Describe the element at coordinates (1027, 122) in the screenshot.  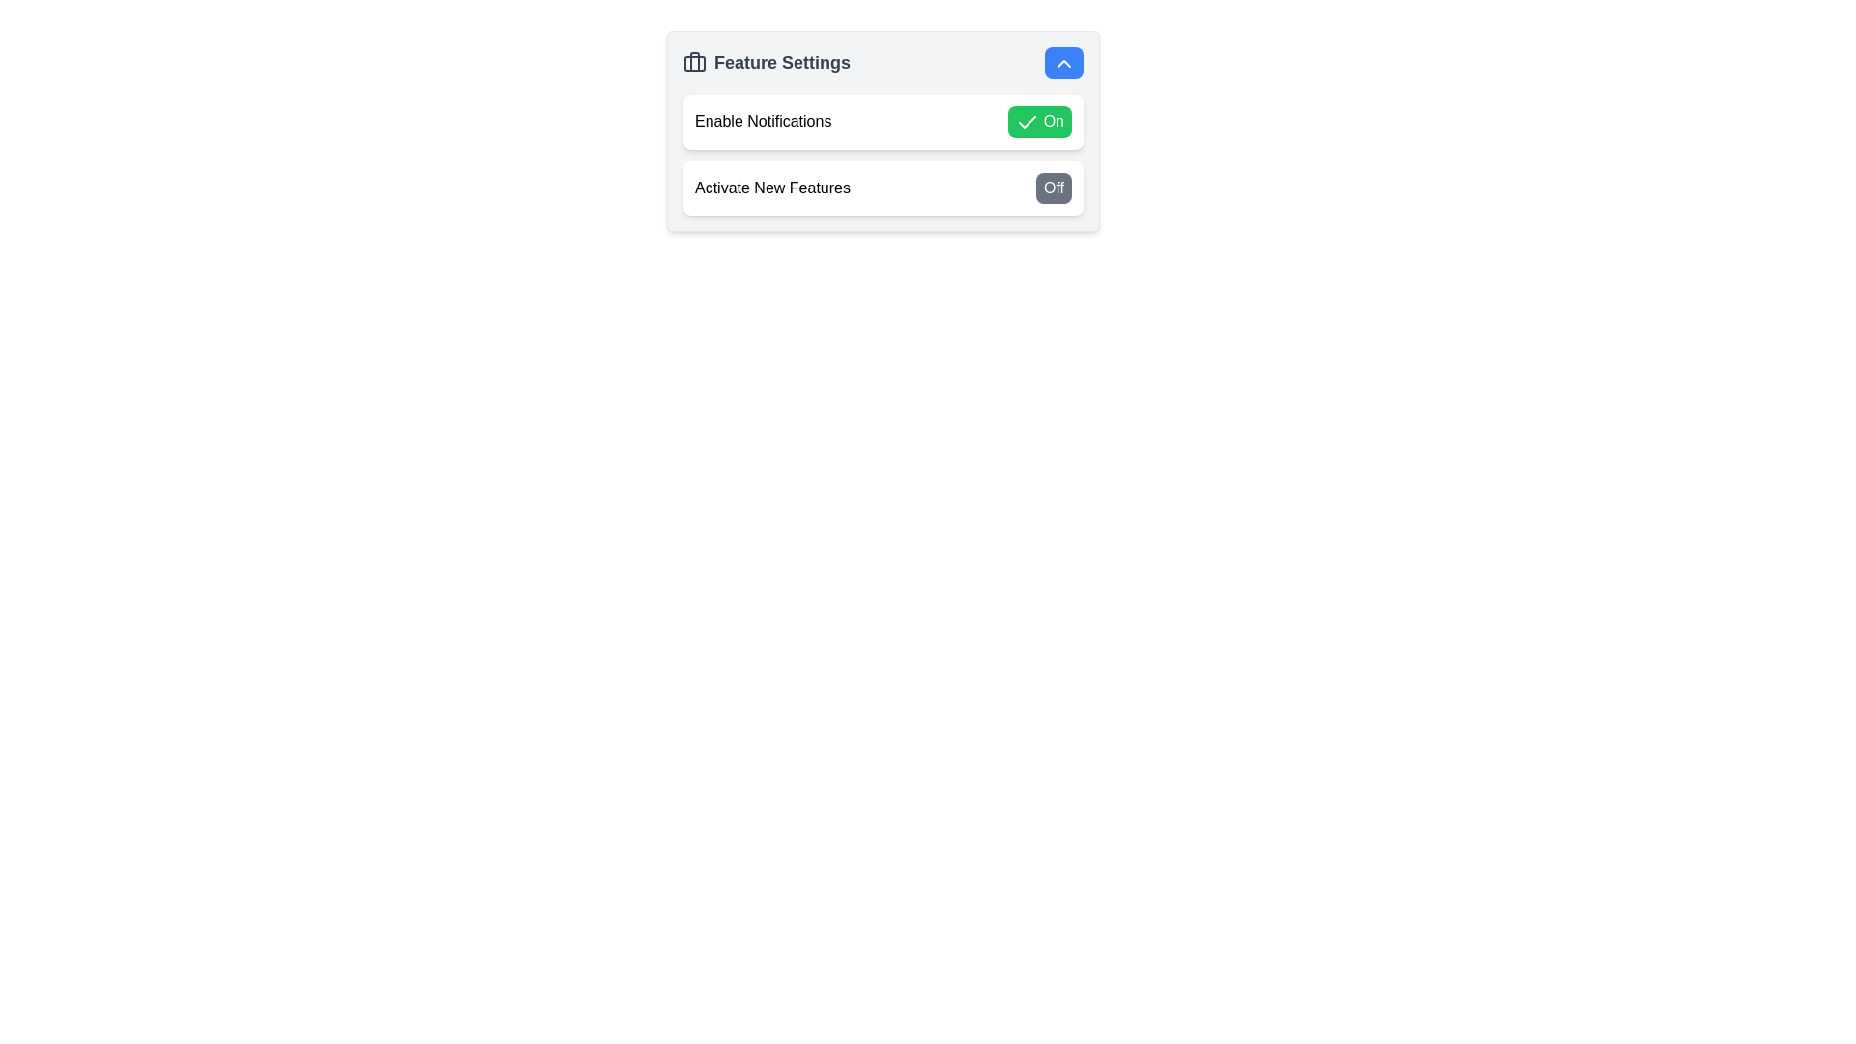
I see `the state of the 'Enable Notifications' toggle control icon, which is embedded in the button labeled 'On' within the green background section of the settings interface` at that location.